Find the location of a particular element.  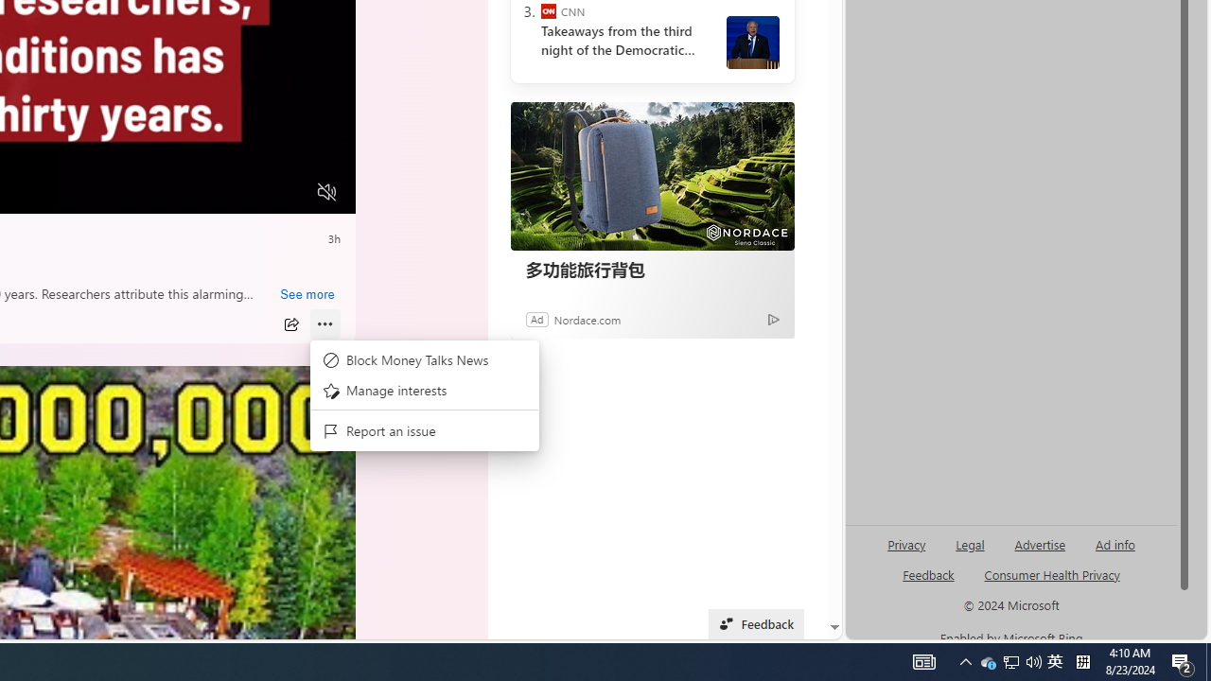

'Block Money Talks News menu item' is located at coordinates (423, 360).